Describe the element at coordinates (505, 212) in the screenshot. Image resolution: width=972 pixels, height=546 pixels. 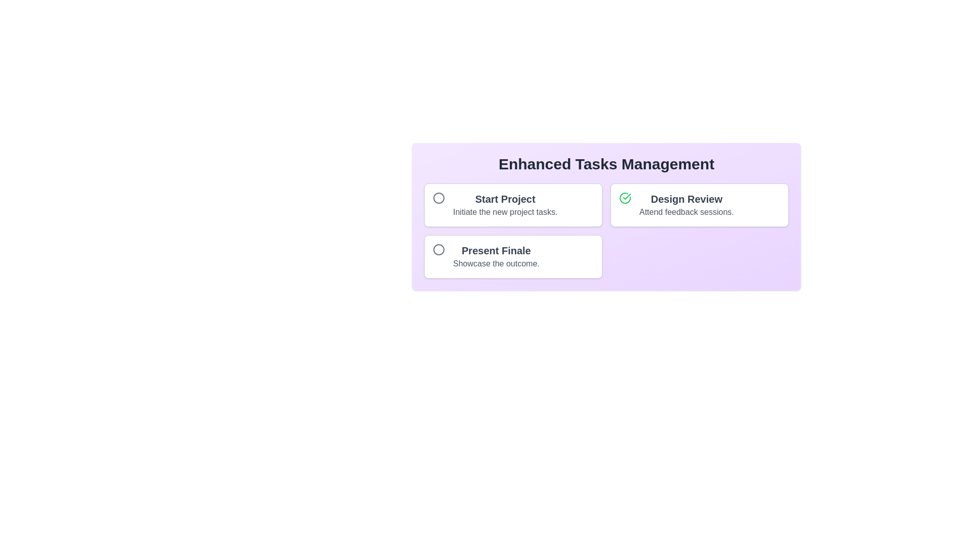
I see `the task detail text of the task titled 'Start Project'` at that location.